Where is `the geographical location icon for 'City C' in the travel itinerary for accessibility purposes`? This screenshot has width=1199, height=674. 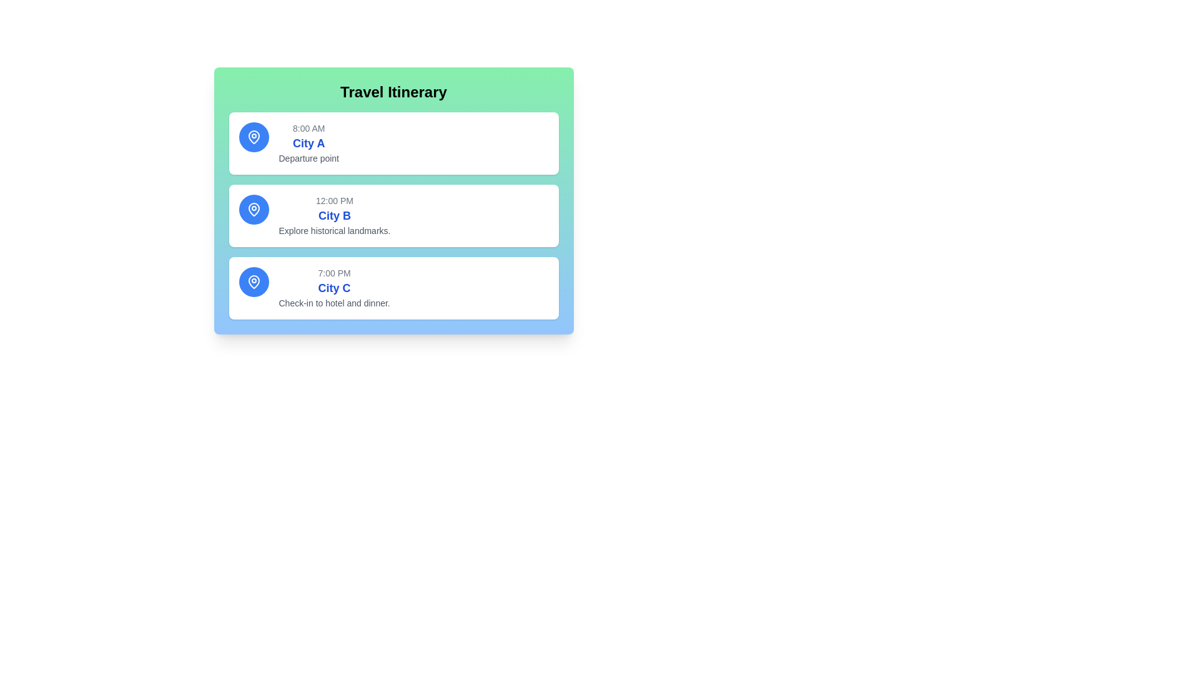 the geographical location icon for 'City C' in the travel itinerary for accessibility purposes is located at coordinates (253, 281).